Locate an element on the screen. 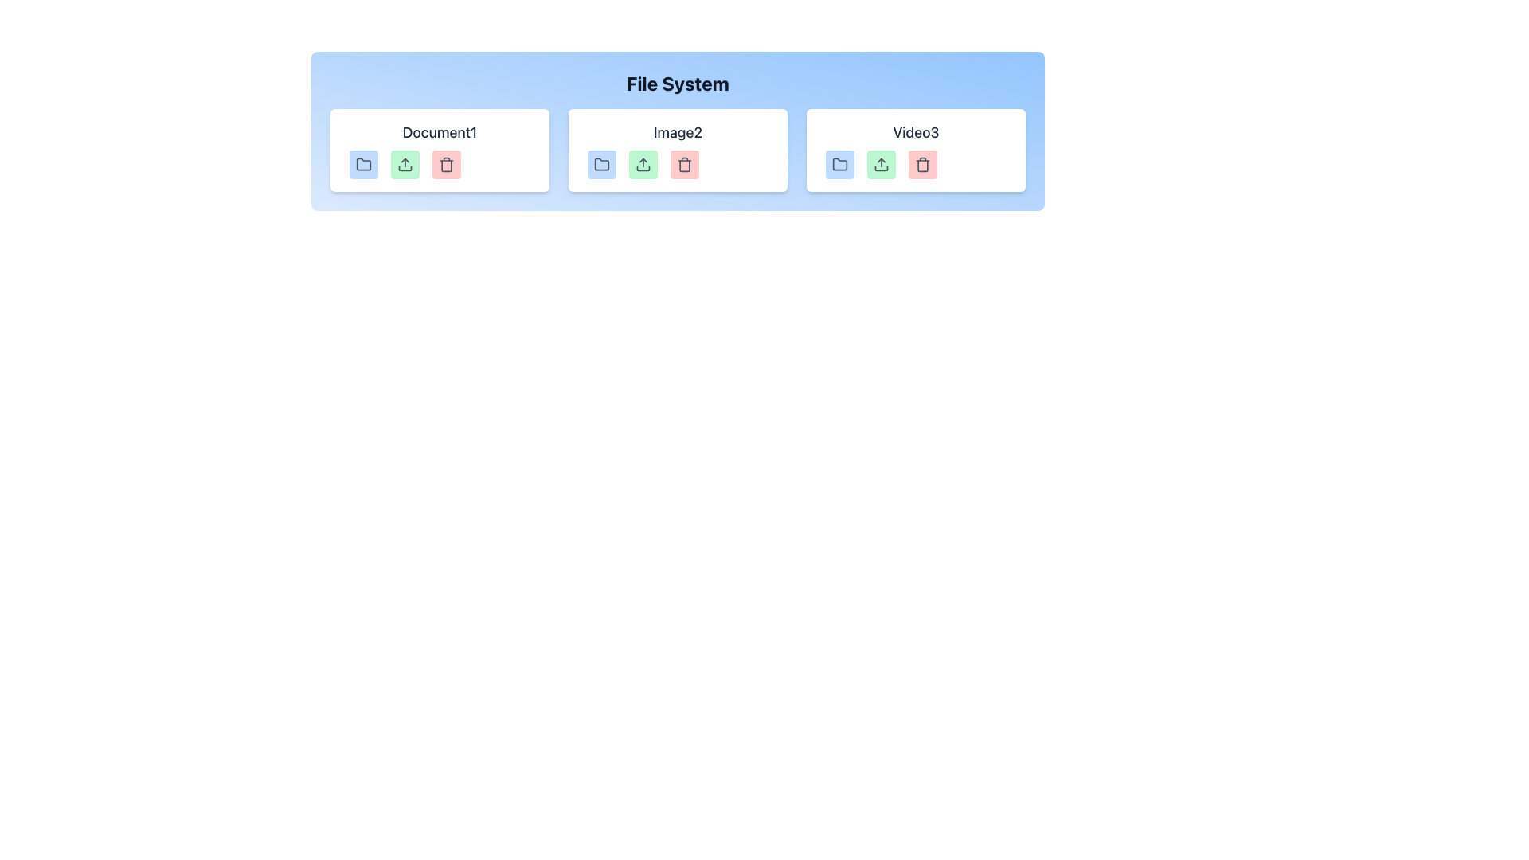 This screenshot has height=860, width=1529. the folder icon button with a blue background and rounded border located in the 'Video3' card is located at coordinates (839, 165).